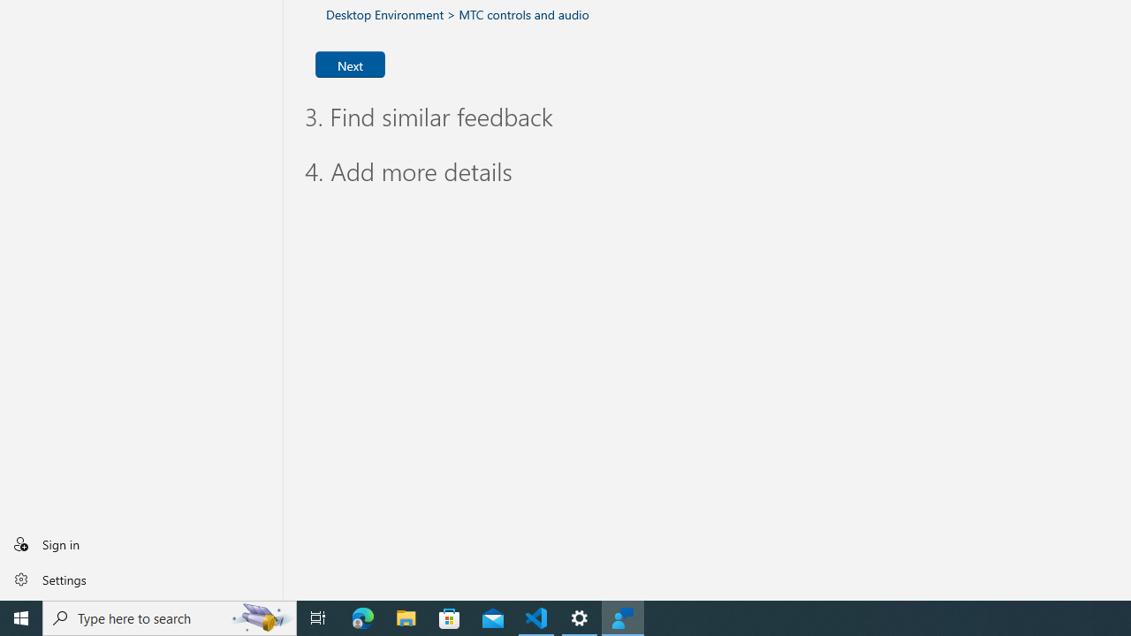  Describe the element at coordinates (450, 617) in the screenshot. I see `'Microsoft Store'` at that location.